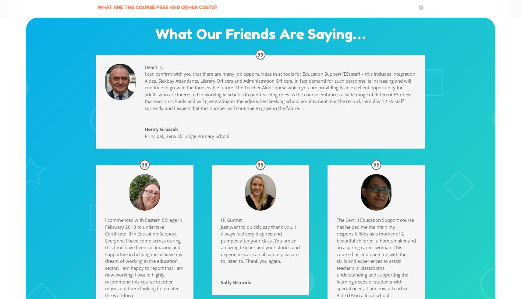 This screenshot has width=521, height=299. Describe the element at coordinates (144, 257) in the screenshot. I see `'I commenced with Eastern College in February 2018 to undertake Certificate III in Education Support. Everyone I have come across during this time have been so amazing and supportive in helping me achieve my dream of working in the education sector. I am happy to report that I am now working. I would highly recommend this course to other mums out there looking to re enter the workforce.'` at that location.